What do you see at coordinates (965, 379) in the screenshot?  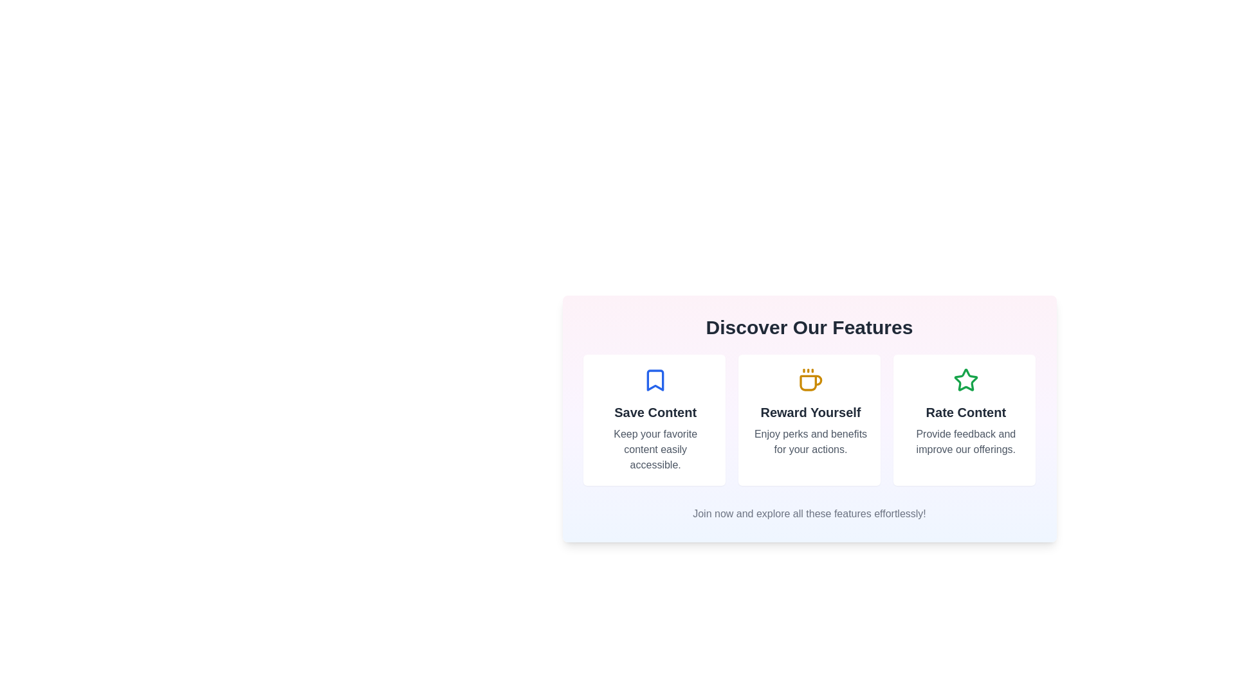 I see `the green star-shaped icon with a hollow center located in the rightmost section of the panel above the 'Rate Content' text` at bounding box center [965, 379].